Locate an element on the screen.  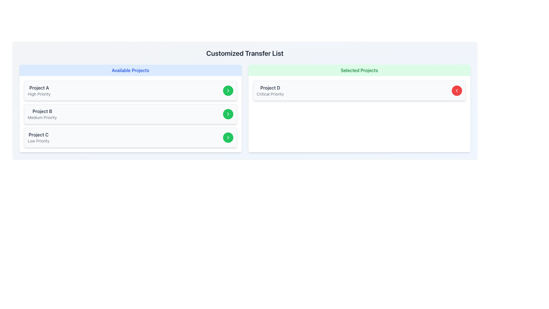
the text label representing 'Project A' with the status 'High Priority' located in the 'Available Projects' list is located at coordinates (39, 90).